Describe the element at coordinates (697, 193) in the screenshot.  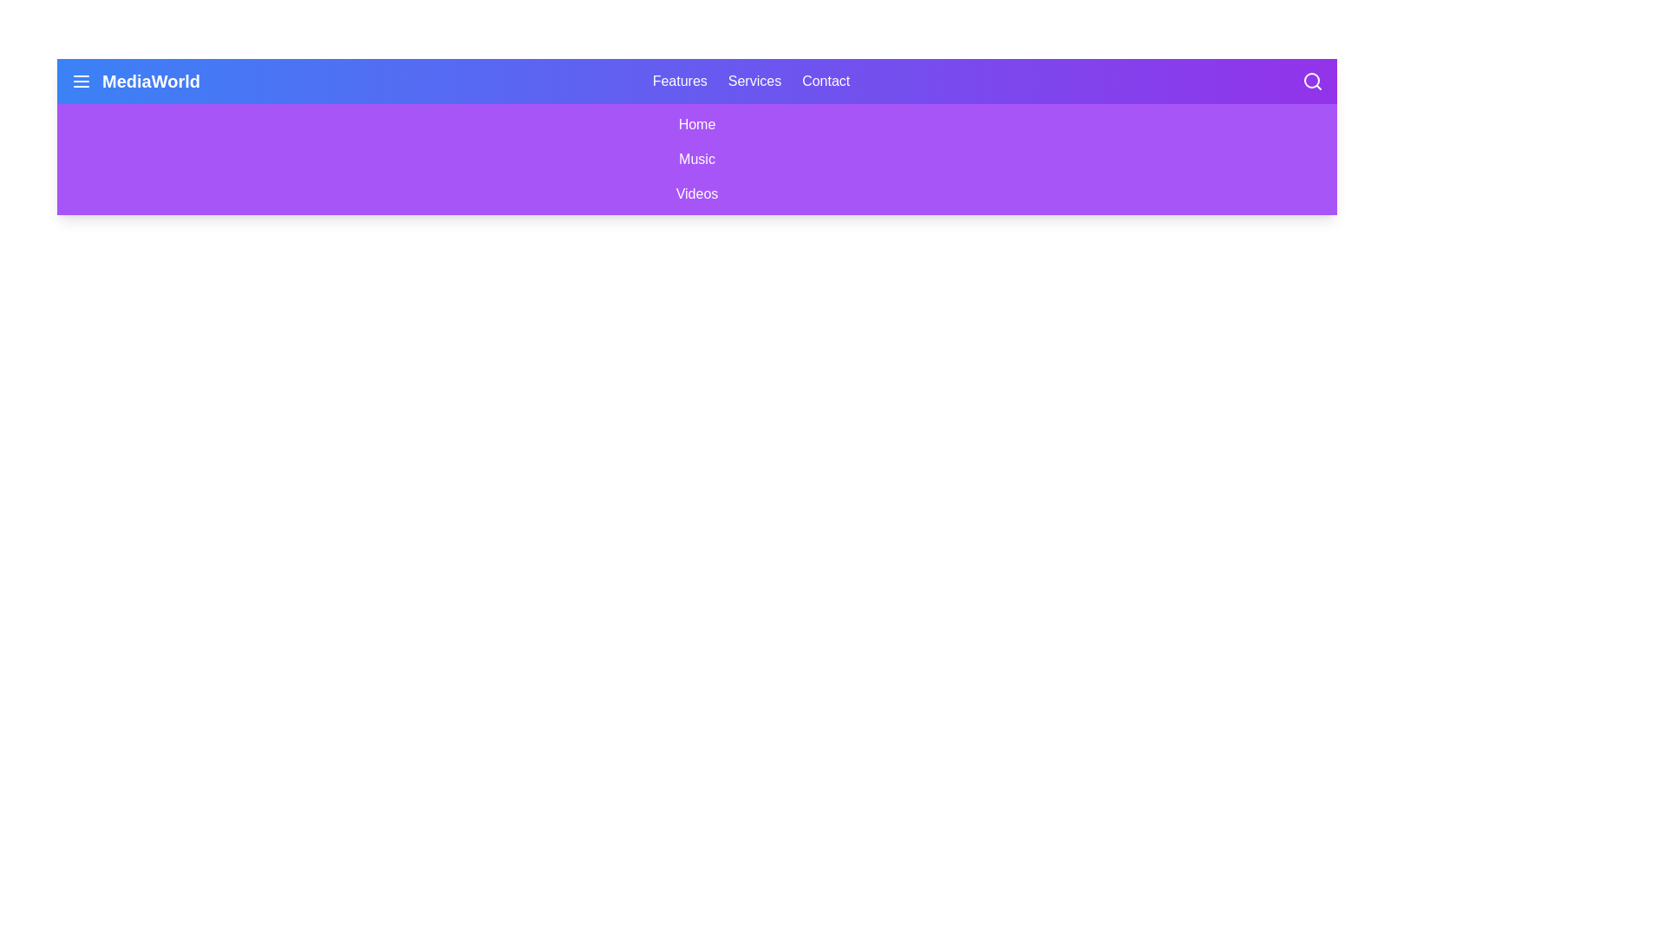
I see `the 'Videos' navigation button` at that location.